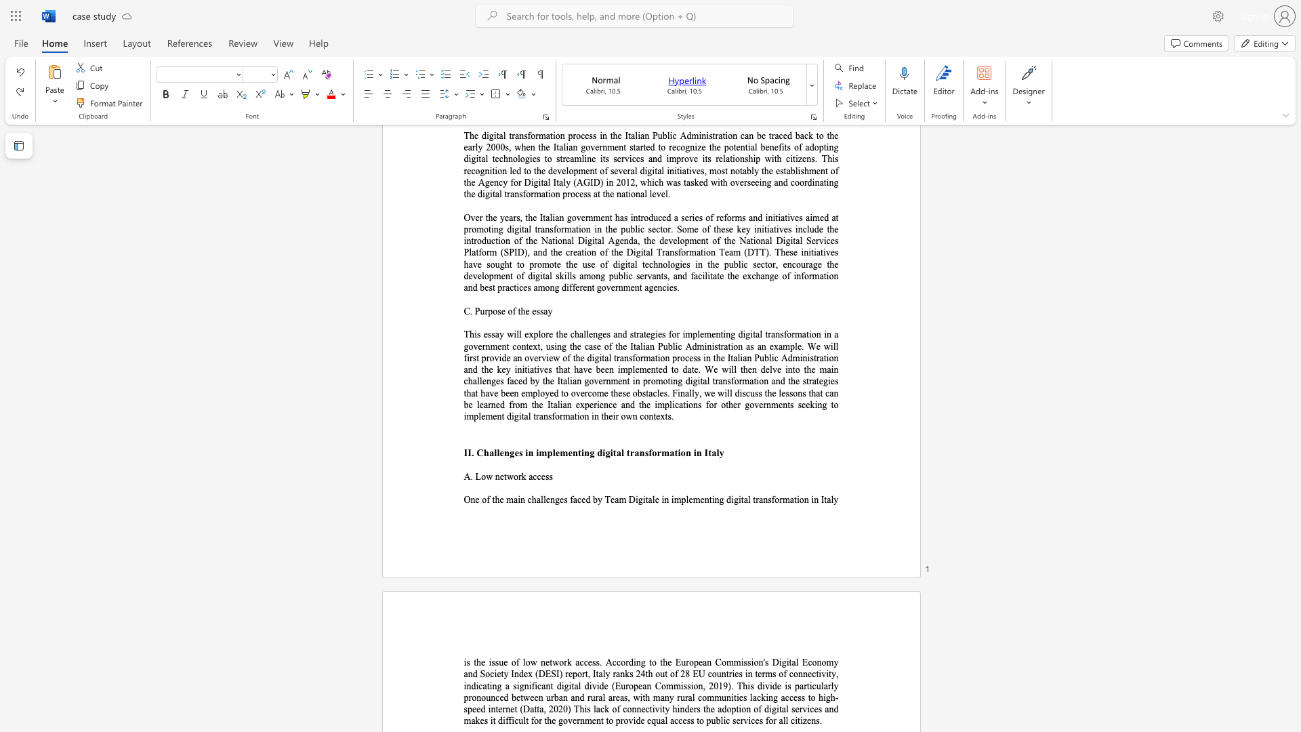 This screenshot has height=732, width=1301. What do you see at coordinates (513, 476) in the screenshot?
I see `the subset text "or" within the text "A. Low network access"` at bounding box center [513, 476].